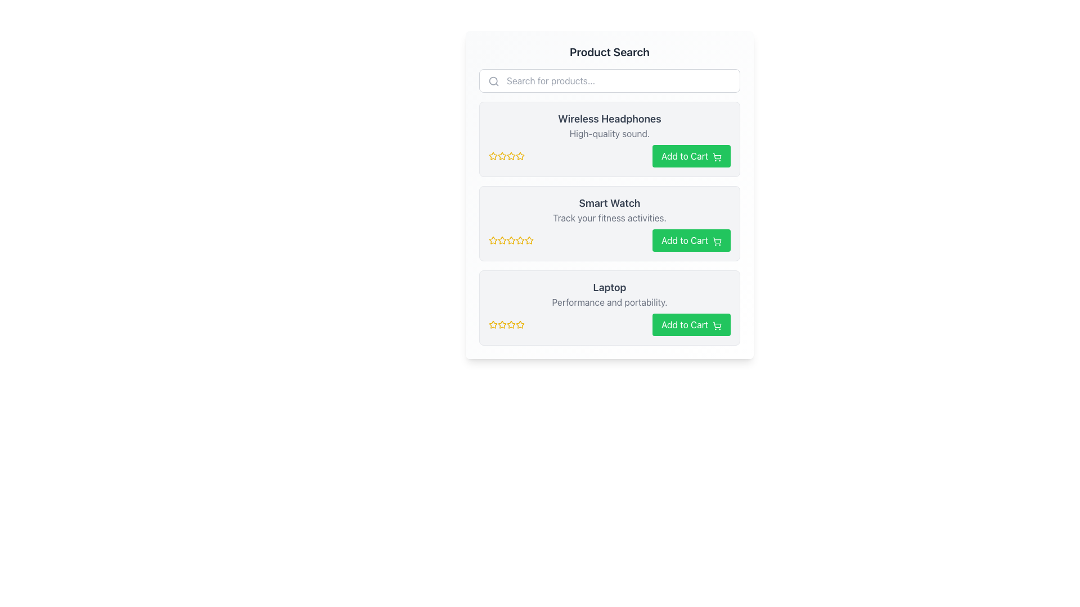  I want to click on the second star in the rating interface under the product title 'Wireless Headphones', so click(520, 156).